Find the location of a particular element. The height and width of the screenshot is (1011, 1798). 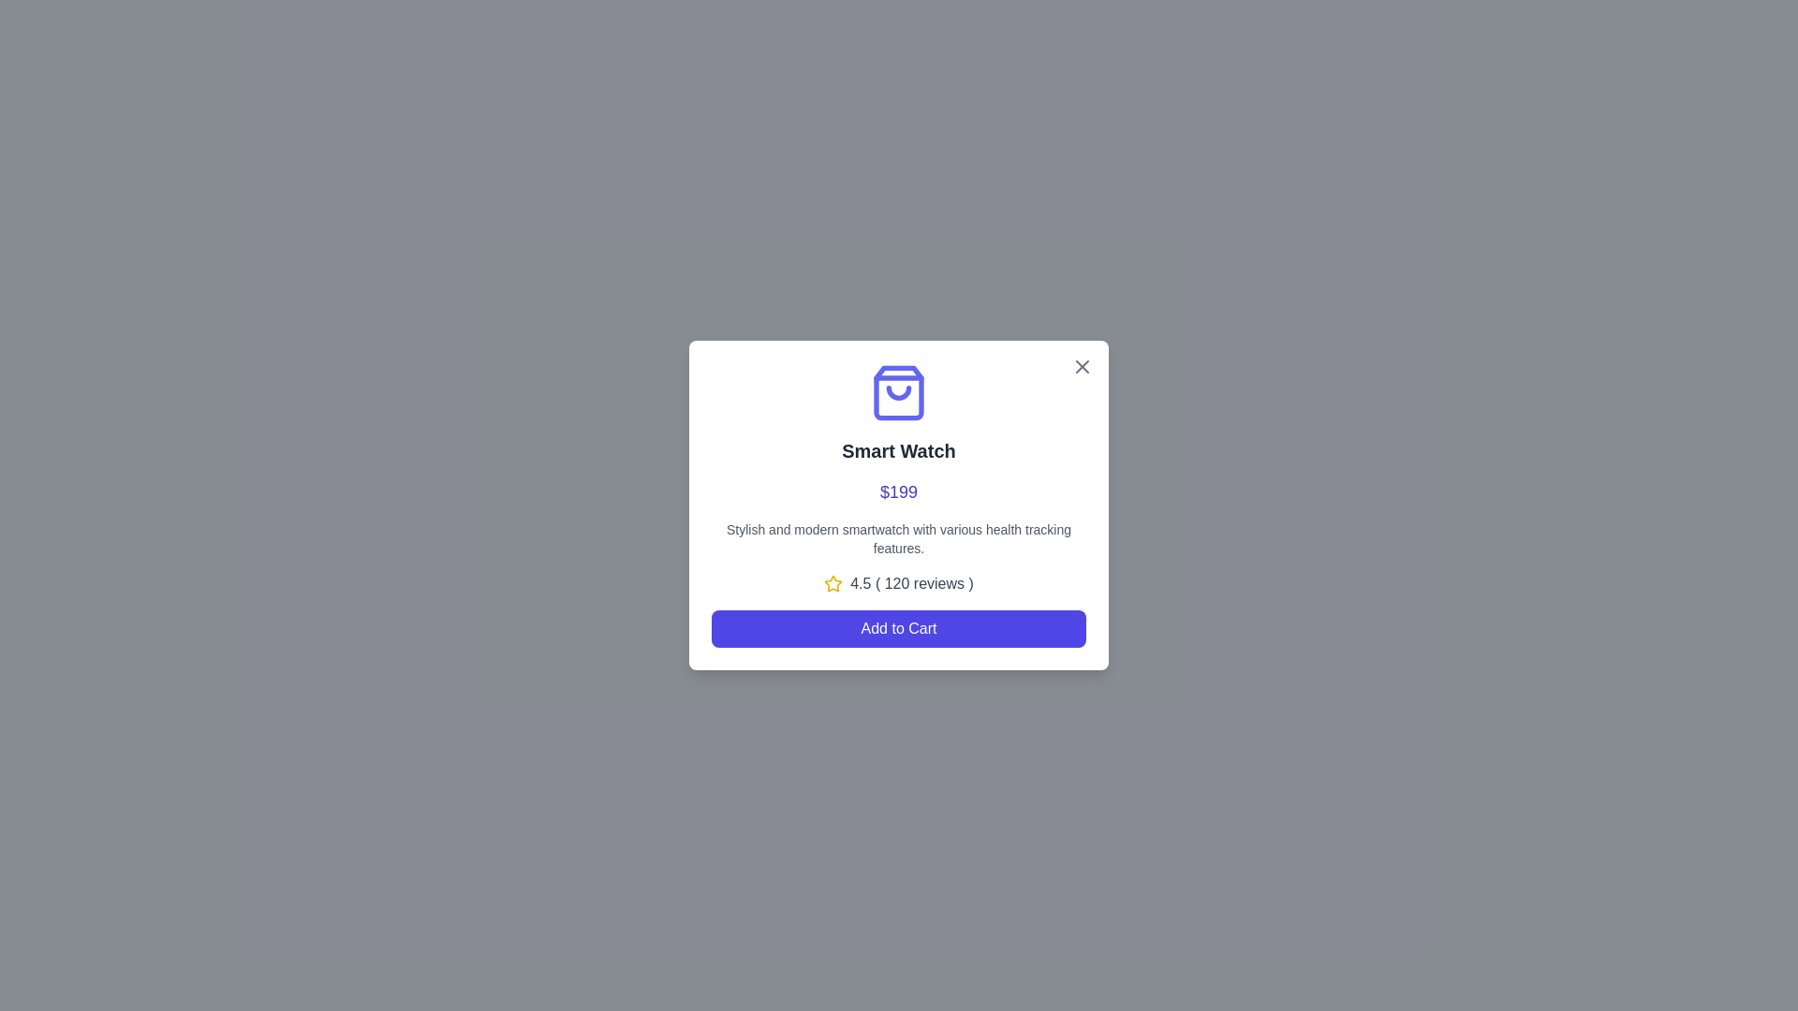

the star icon, which is yellow and outlined, located next to the text '4.5 (120 reviews)', to the left of the rating display is located at coordinates (833, 583).